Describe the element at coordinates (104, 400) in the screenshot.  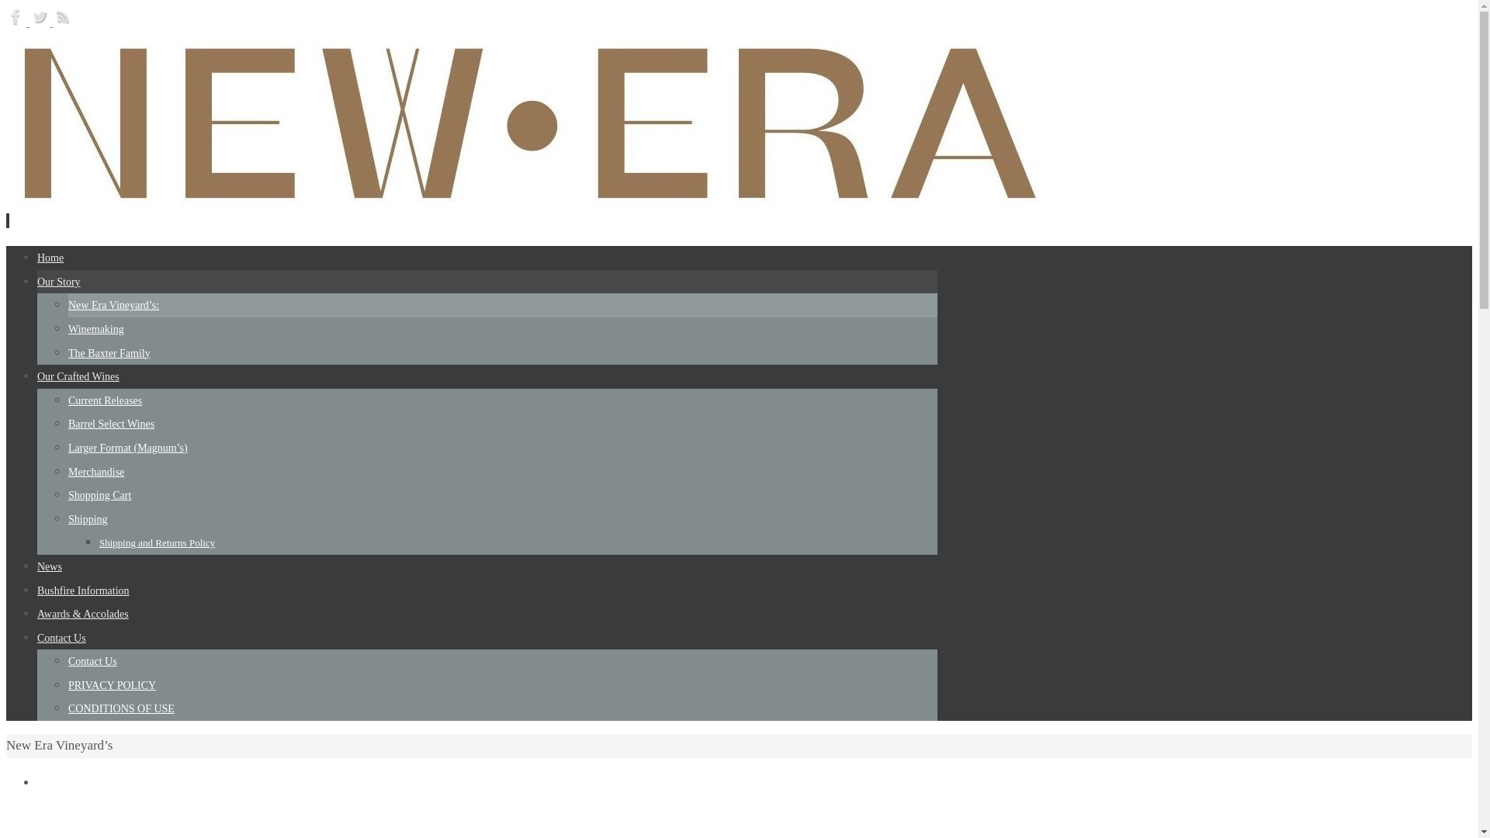
I see `'Current Releases'` at that location.